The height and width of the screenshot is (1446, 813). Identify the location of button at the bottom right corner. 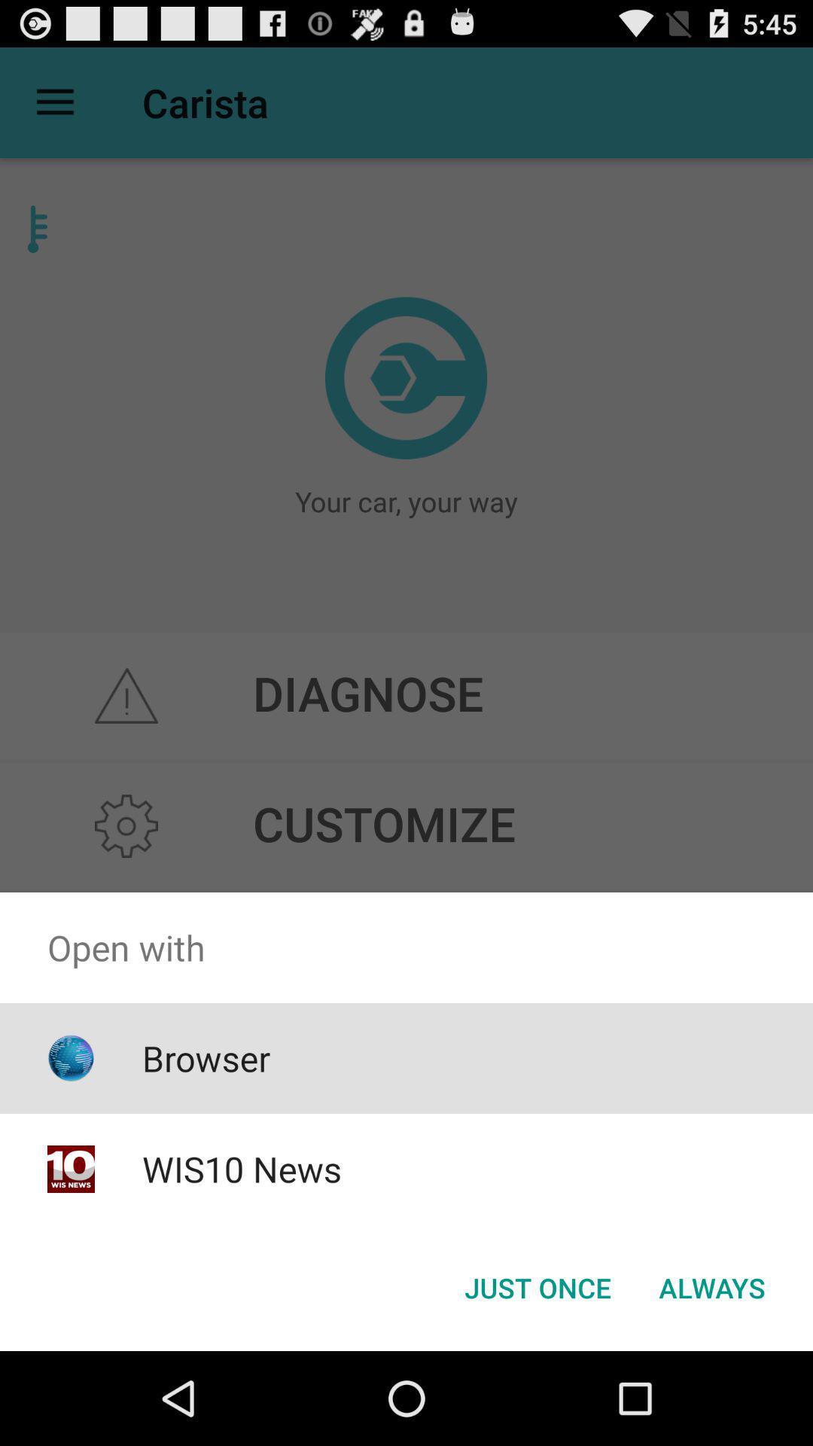
(711, 1286).